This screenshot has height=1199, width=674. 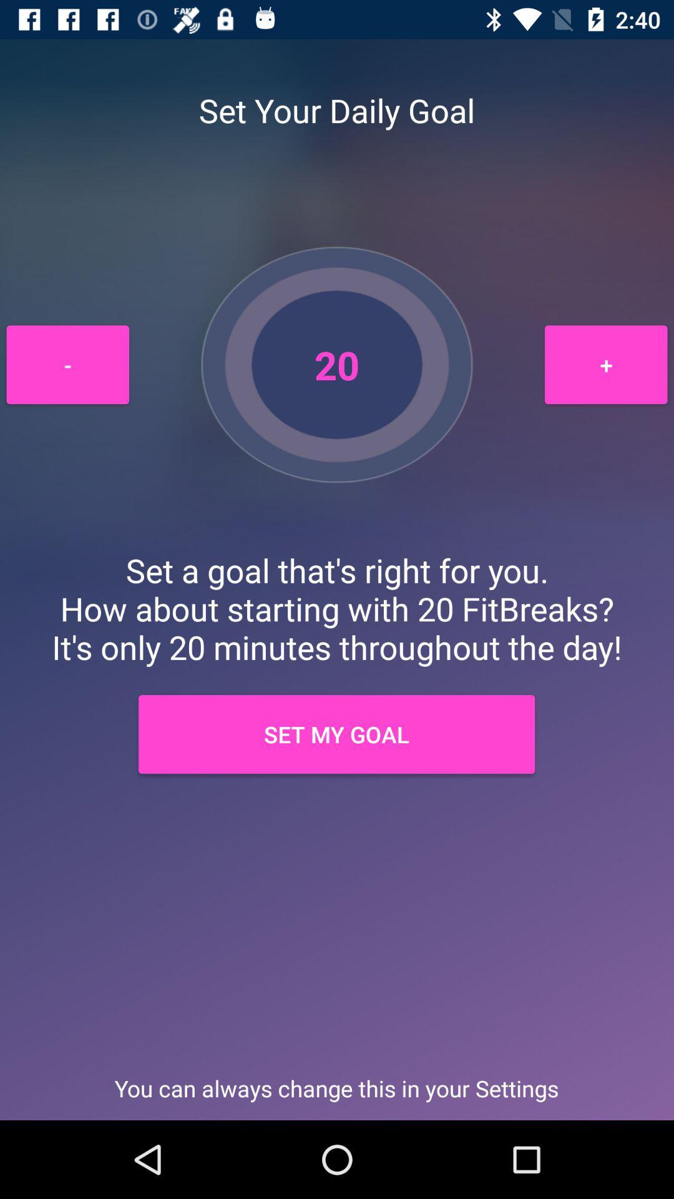 What do you see at coordinates (605, 364) in the screenshot?
I see `the icon next to the 20 item` at bounding box center [605, 364].